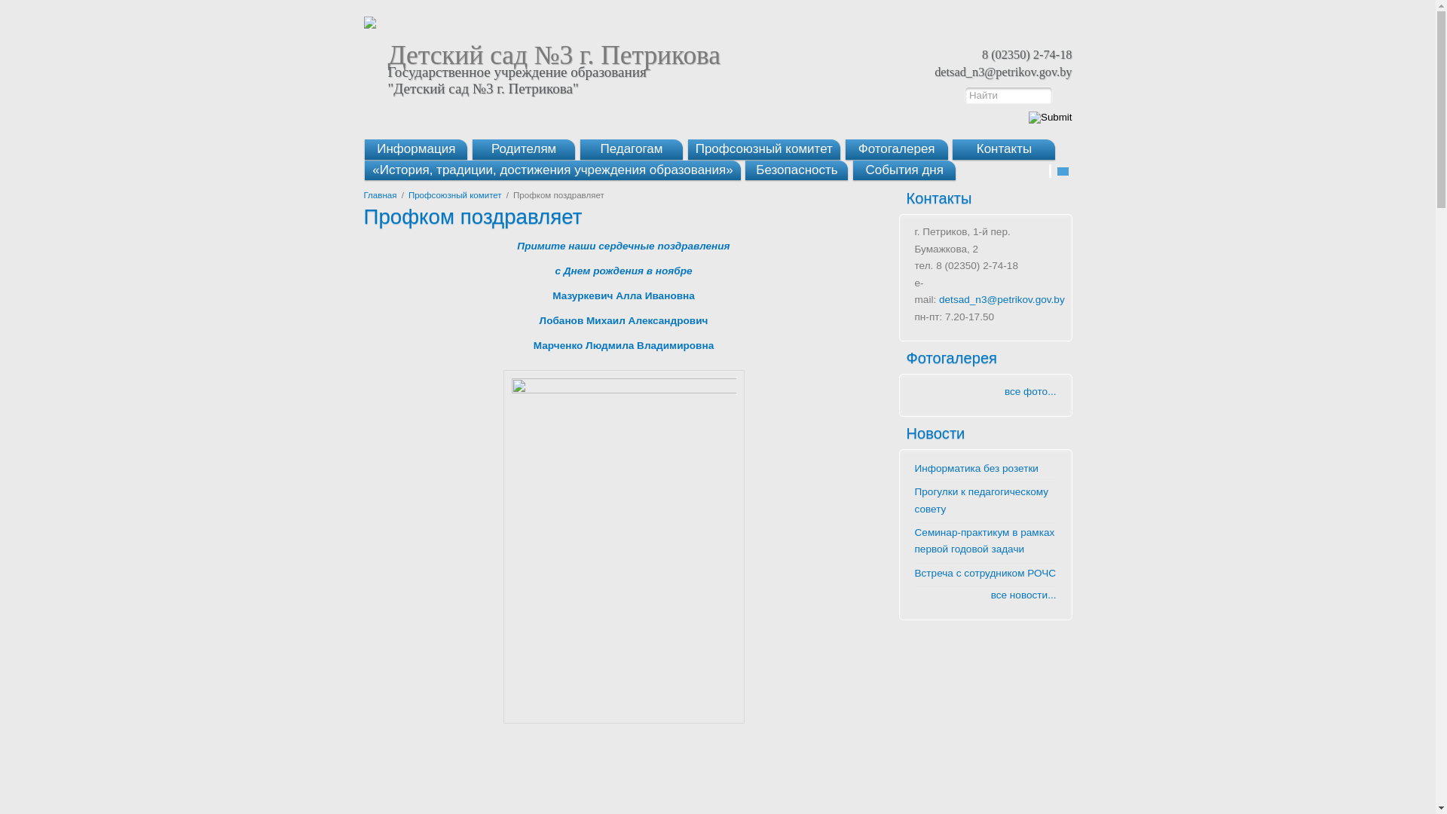  I want to click on 'Add to favorite', so click(1038, 170).